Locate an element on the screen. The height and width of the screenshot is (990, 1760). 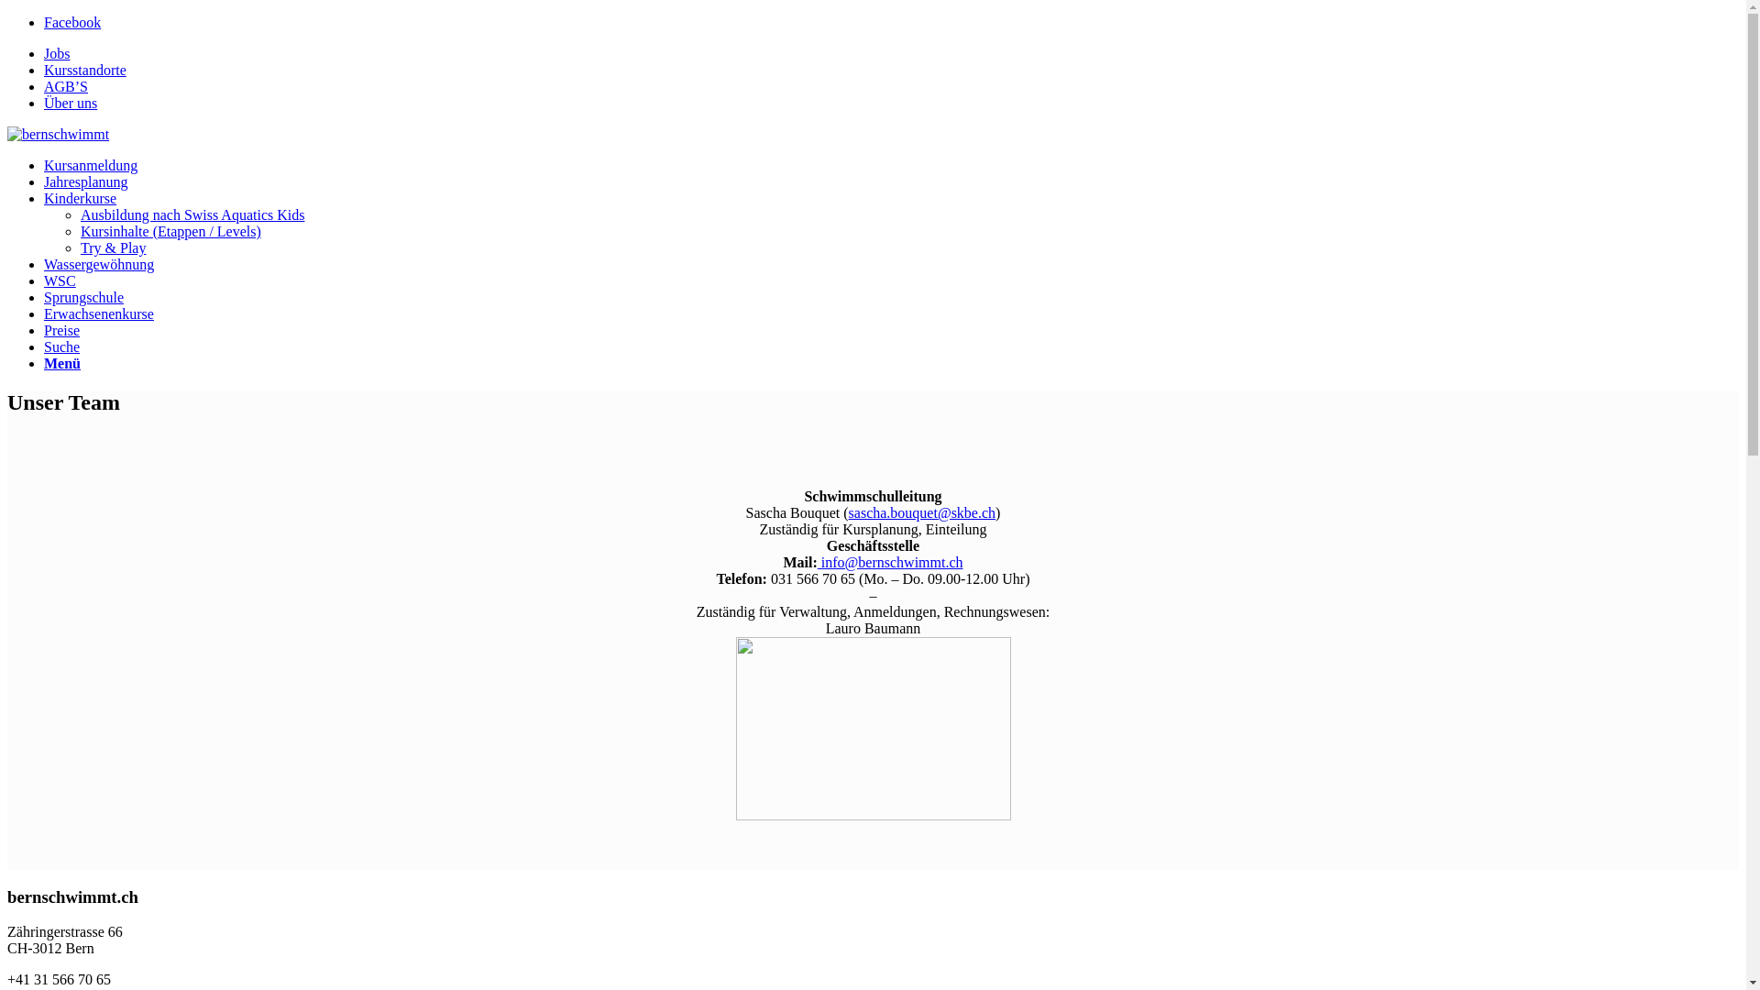
'Try & Play' is located at coordinates (112, 247).